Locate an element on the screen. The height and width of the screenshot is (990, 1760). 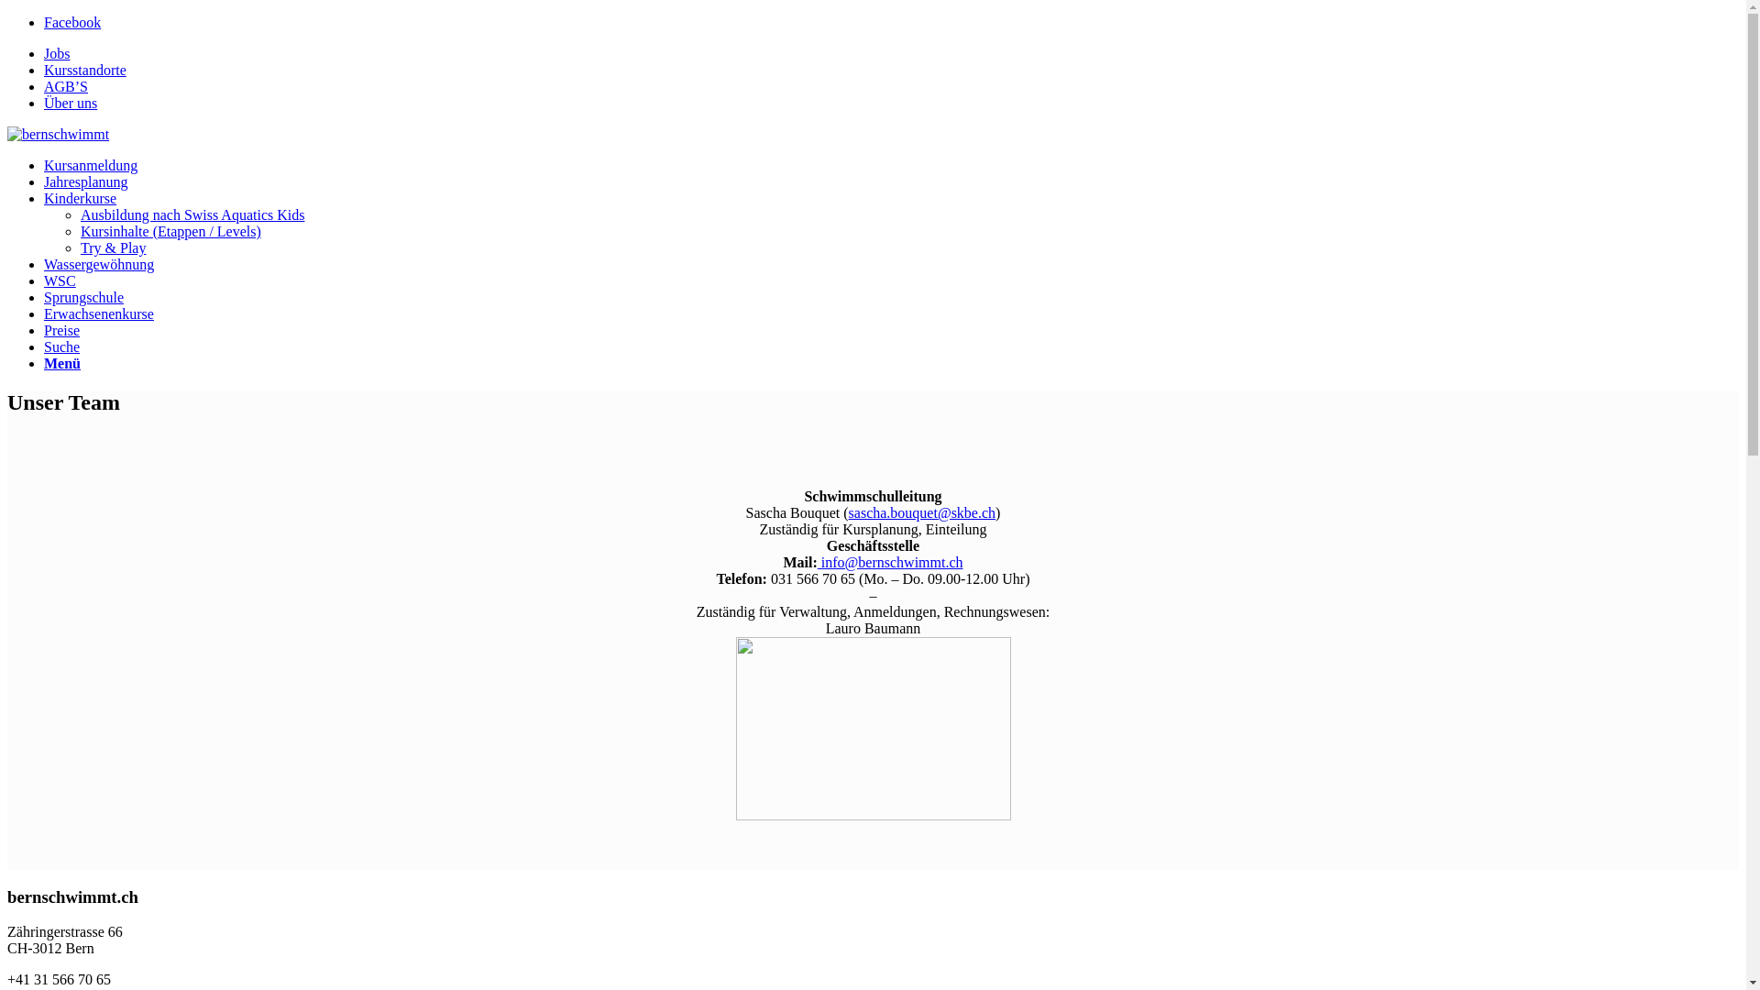
'Try & Play' is located at coordinates (112, 247).